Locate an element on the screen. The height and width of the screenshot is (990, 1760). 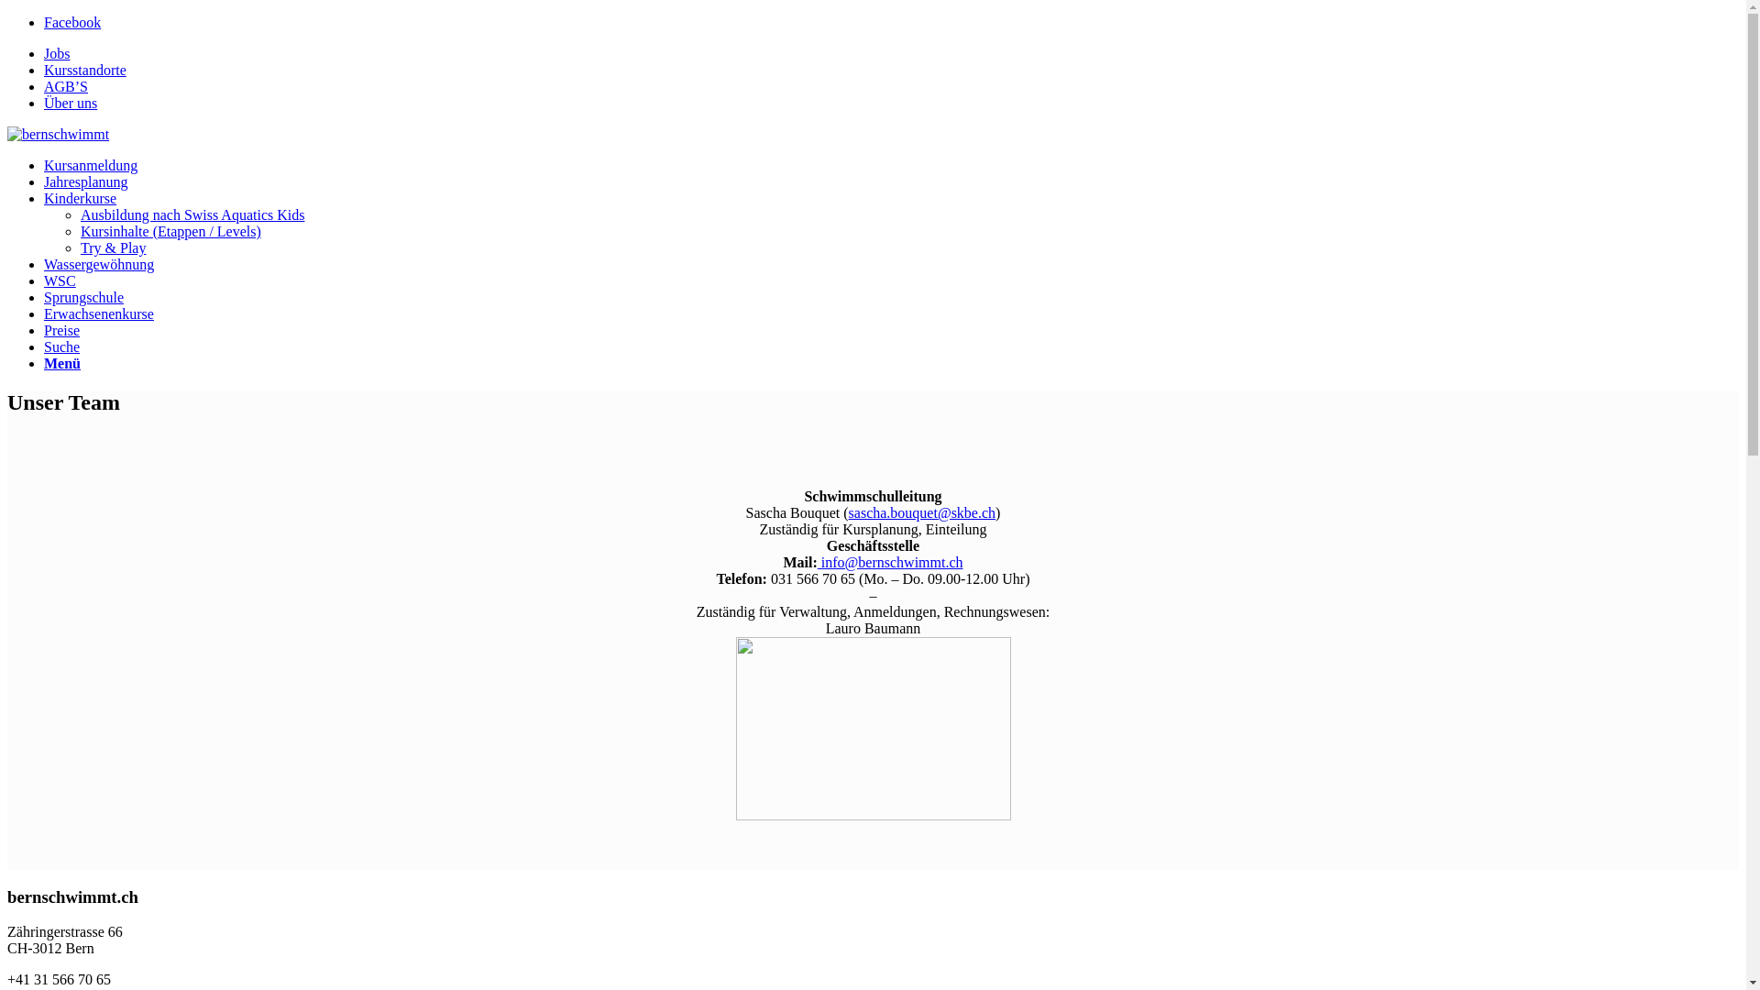
'Try & Play' is located at coordinates (112, 247).